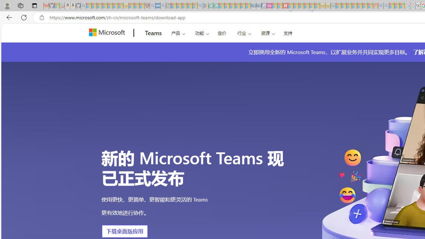 The width and height of the screenshot is (425, 239). I want to click on 'Bluey: Let', so click(205, 6).